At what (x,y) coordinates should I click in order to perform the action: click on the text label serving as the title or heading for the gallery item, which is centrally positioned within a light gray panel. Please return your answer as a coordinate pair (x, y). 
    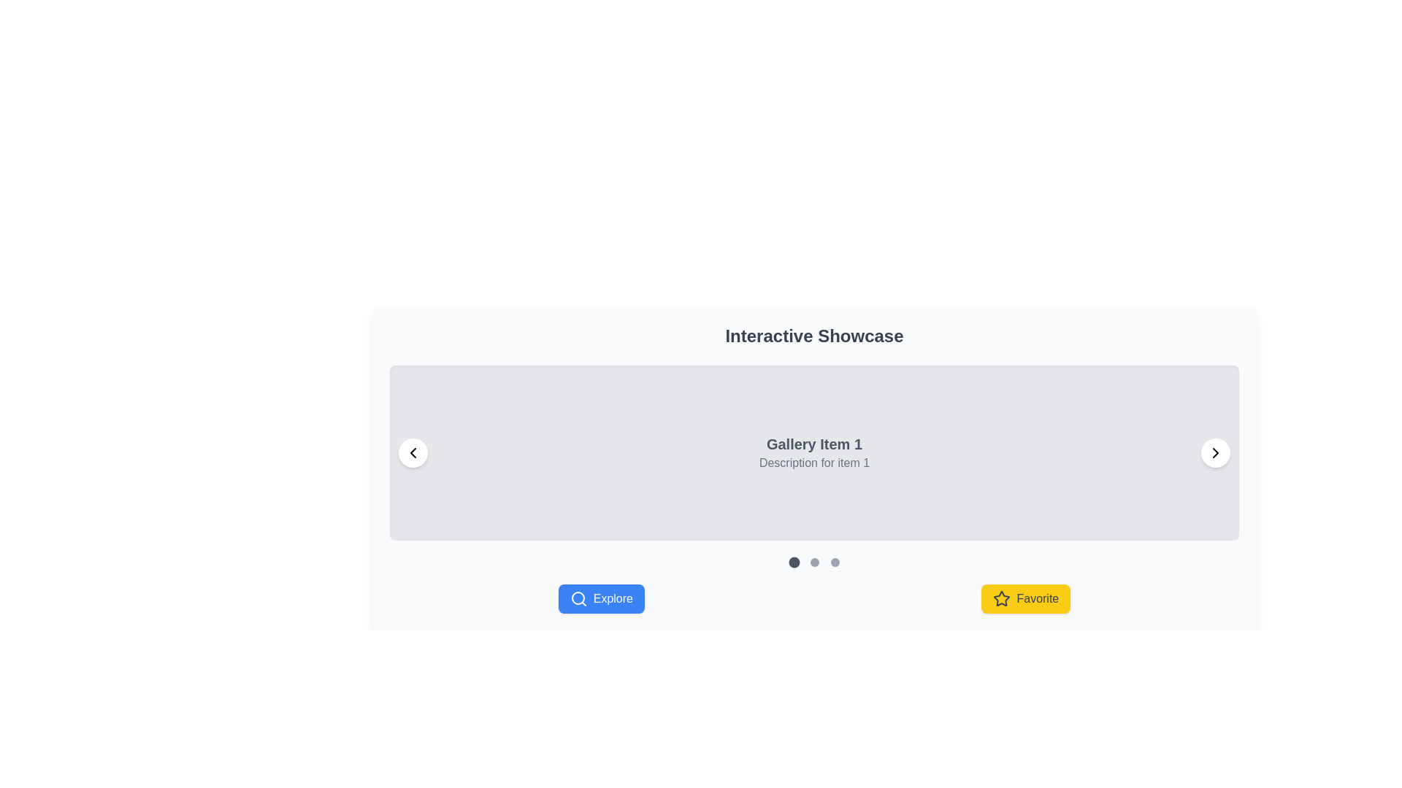
    Looking at the image, I should click on (813, 444).